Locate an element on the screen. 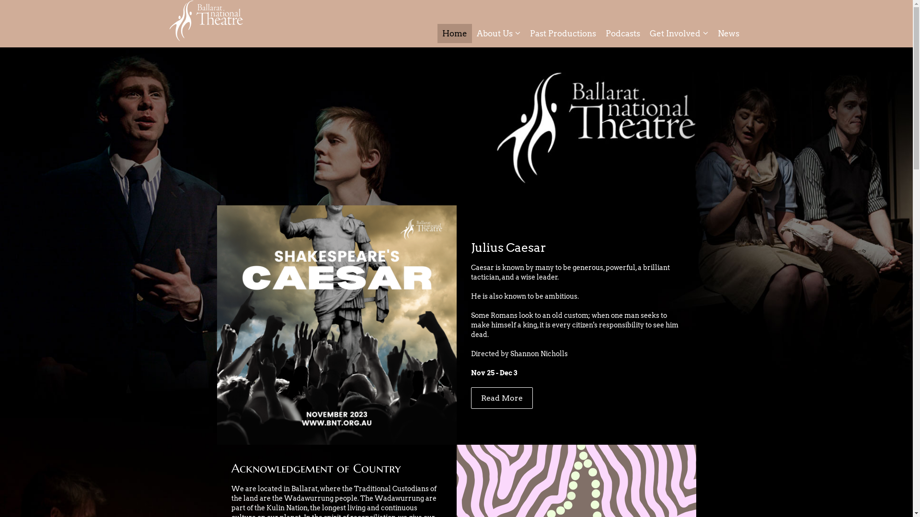 This screenshot has height=517, width=920. 'Past Productions' is located at coordinates (563, 33).